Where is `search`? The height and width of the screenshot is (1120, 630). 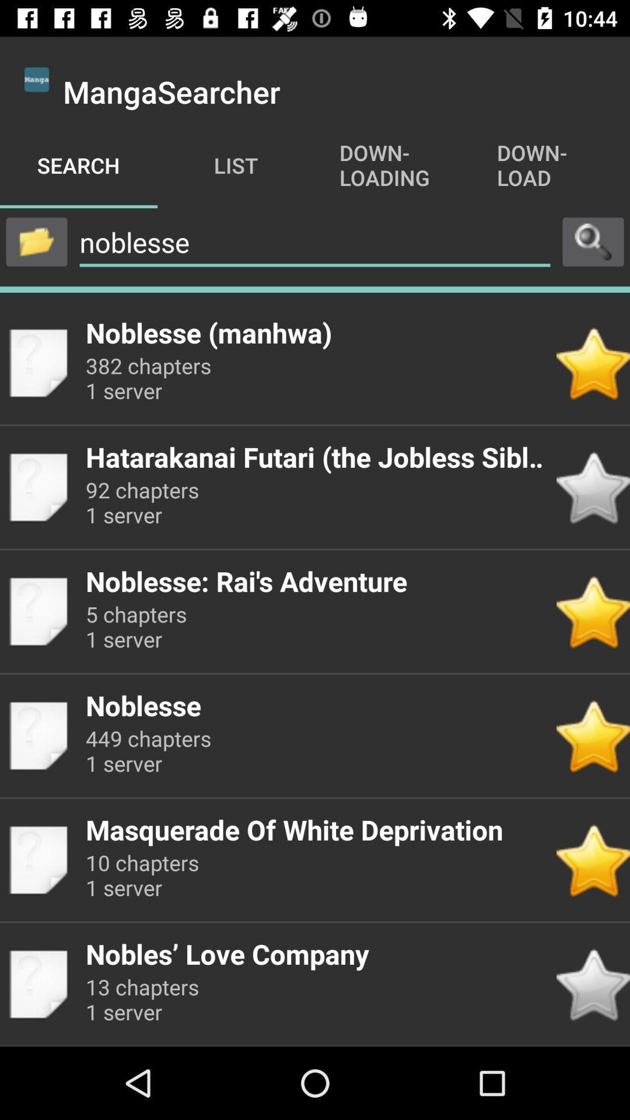
search is located at coordinates (593, 241).